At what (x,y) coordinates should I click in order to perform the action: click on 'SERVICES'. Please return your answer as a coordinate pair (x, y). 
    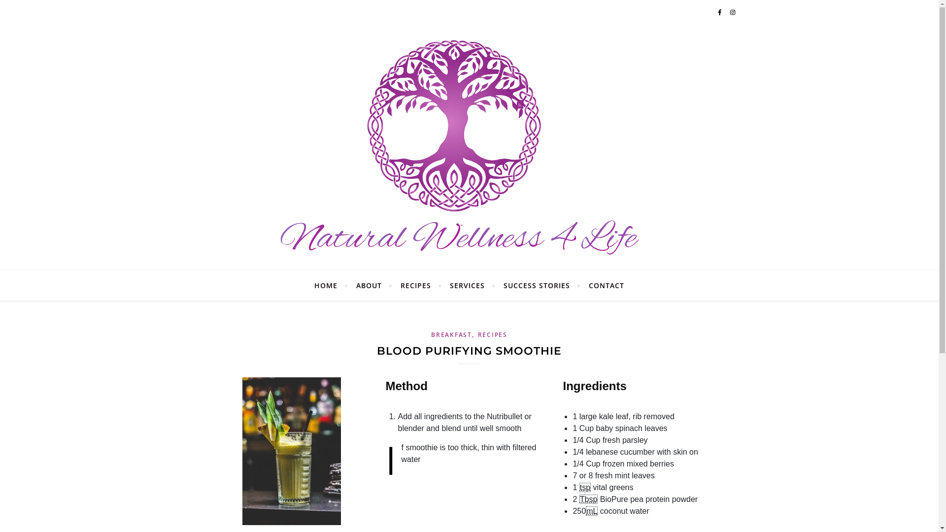
    Looking at the image, I should click on (467, 285).